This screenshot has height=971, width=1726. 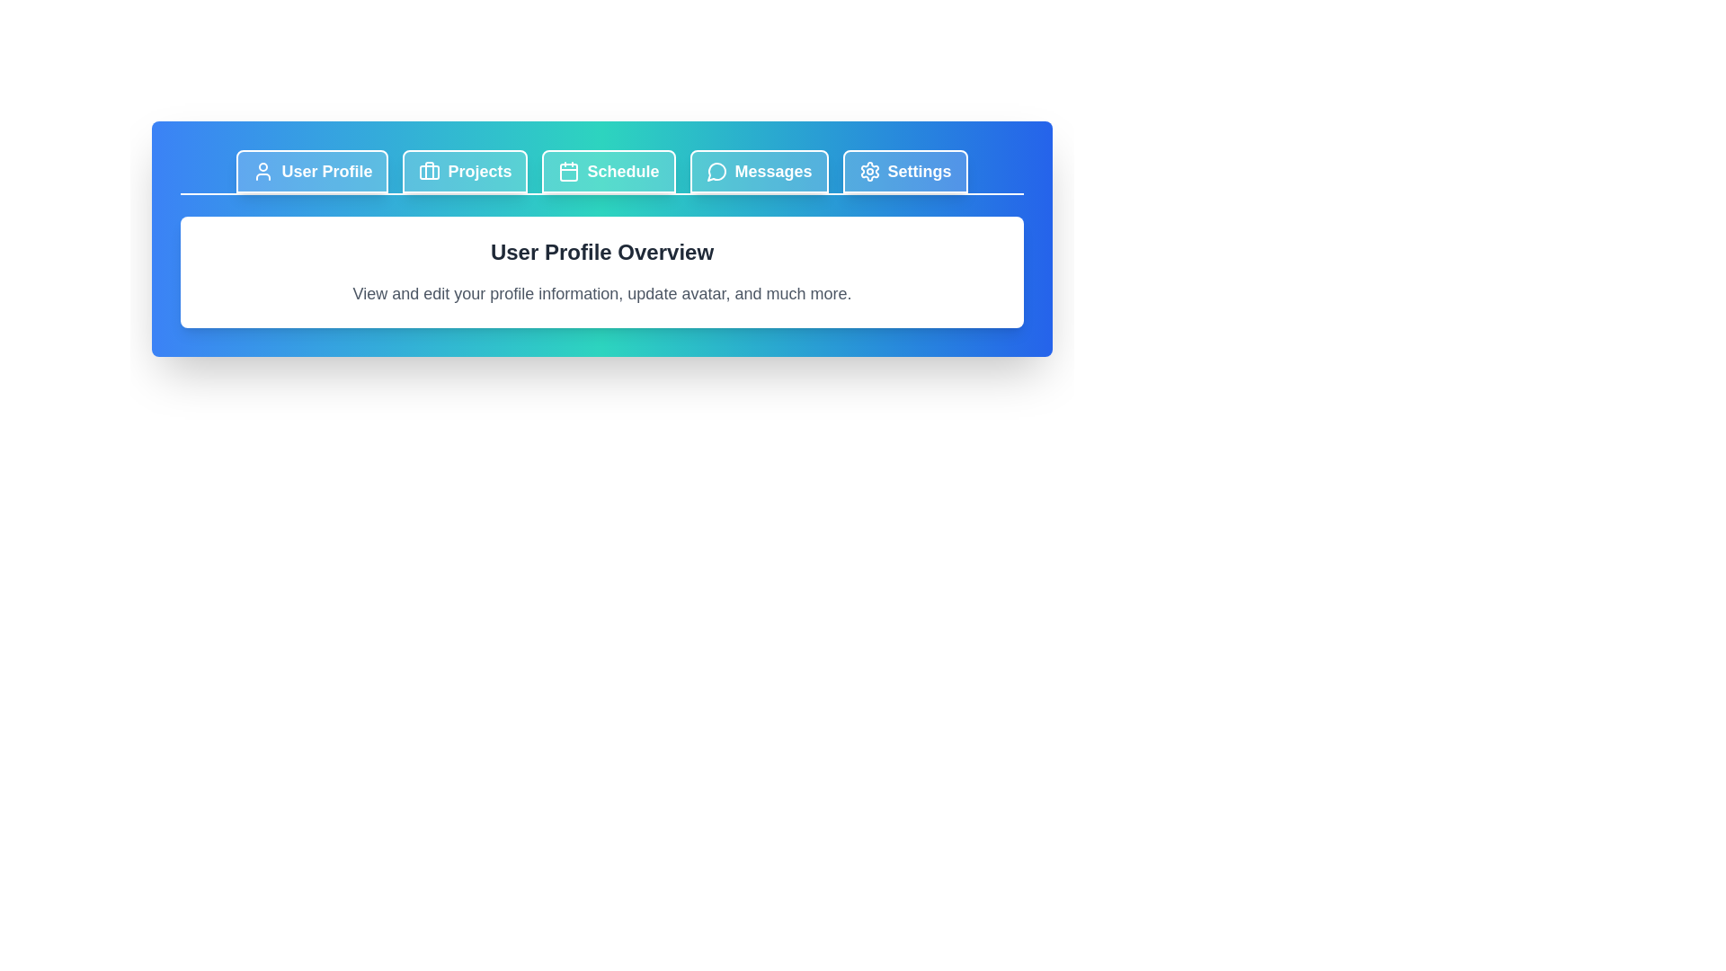 What do you see at coordinates (716, 172) in the screenshot?
I see `the speech bubble icon located to the left of the 'Messages' text in the top center navigation bar` at bounding box center [716, 172].